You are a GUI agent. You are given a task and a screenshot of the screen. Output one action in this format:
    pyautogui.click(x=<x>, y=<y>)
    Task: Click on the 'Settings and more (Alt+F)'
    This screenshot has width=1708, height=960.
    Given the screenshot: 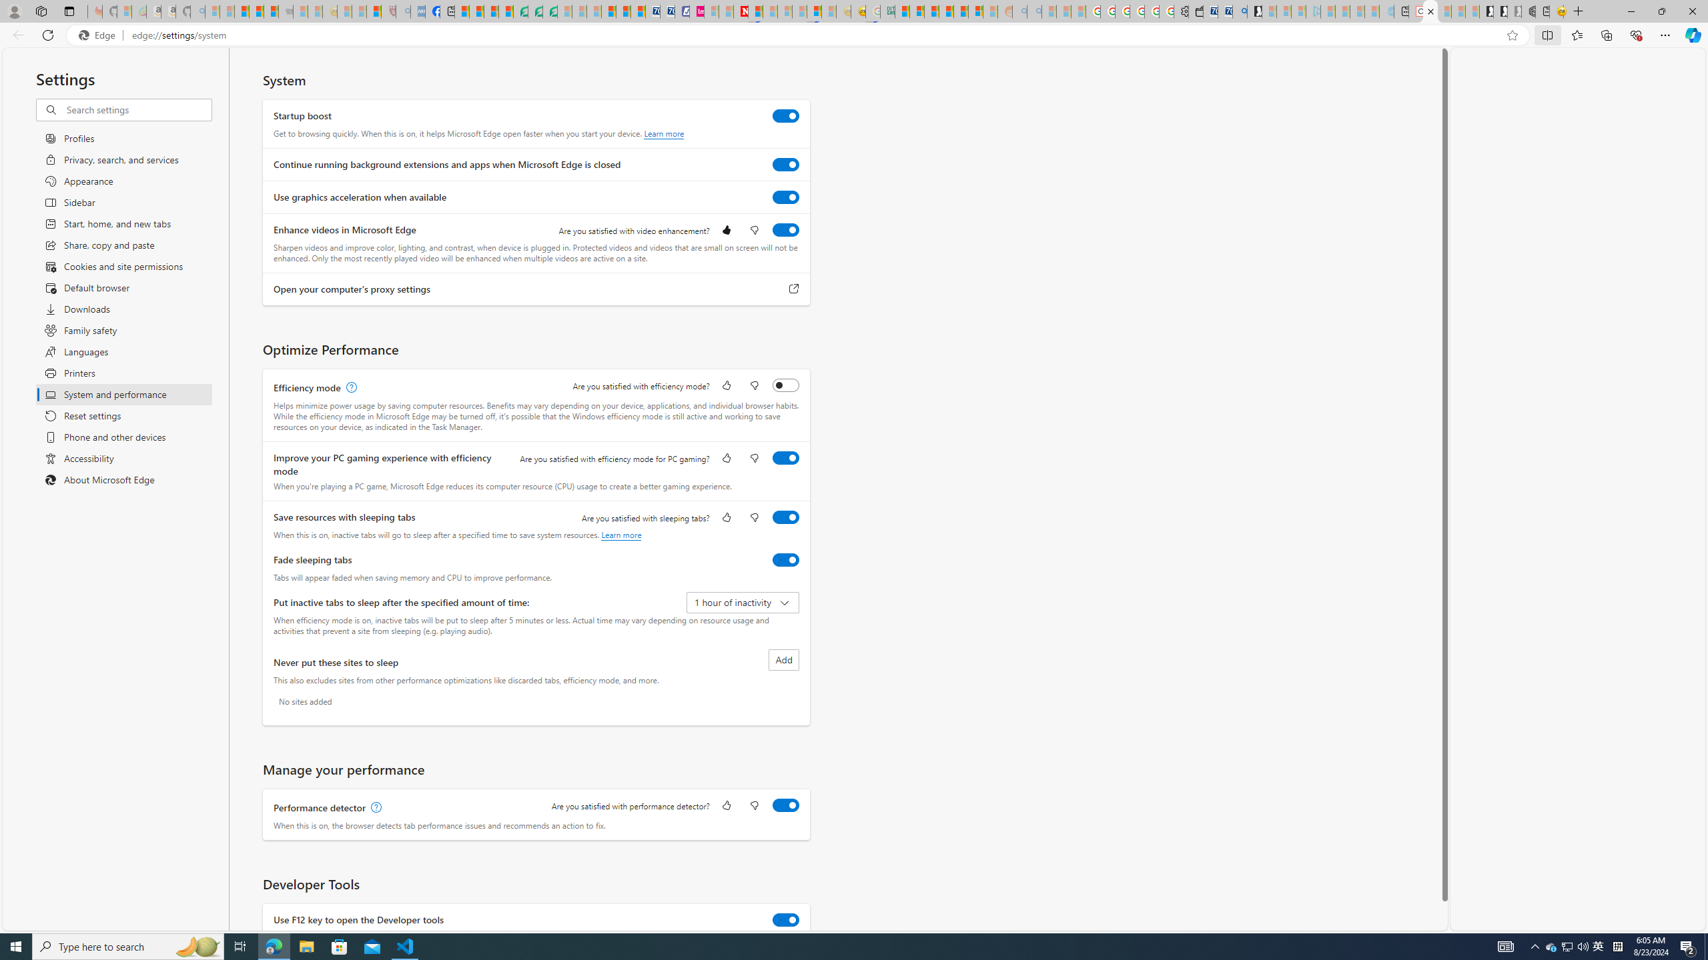 What is the action you would take?
    pyautogui.click(x=1665, y=34)
    